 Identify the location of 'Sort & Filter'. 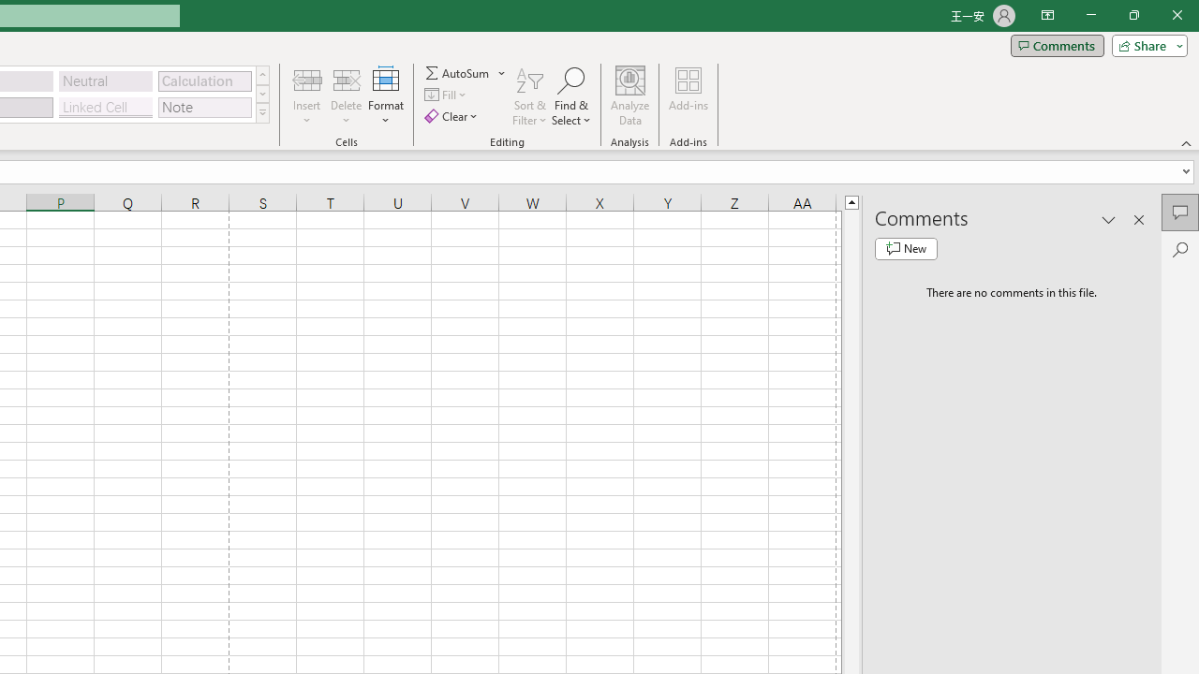
(529, 96).